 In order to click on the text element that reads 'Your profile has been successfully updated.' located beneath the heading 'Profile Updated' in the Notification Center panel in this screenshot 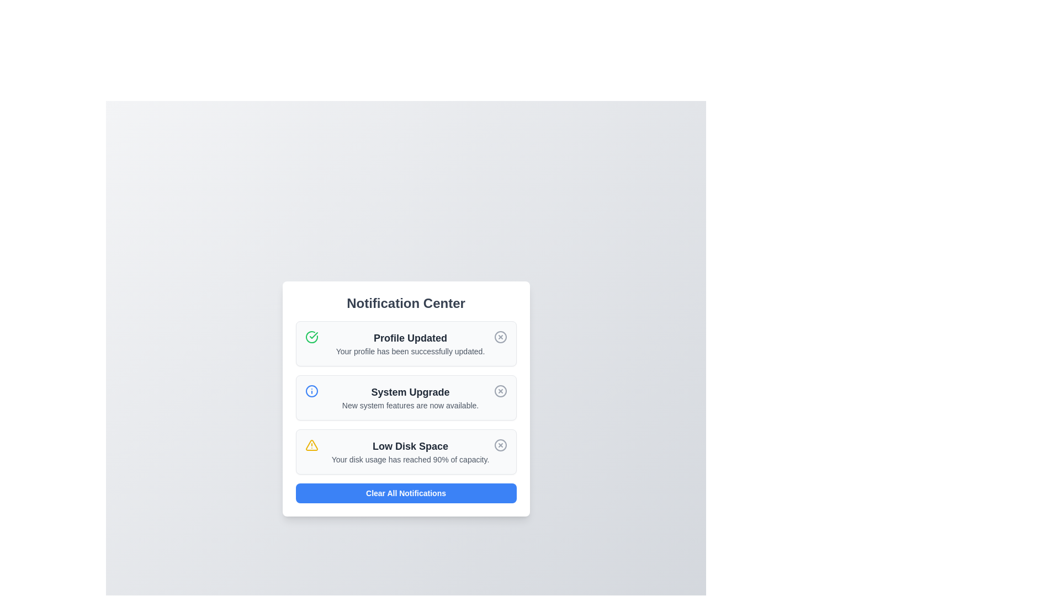, I will do `click(410, 351)`.